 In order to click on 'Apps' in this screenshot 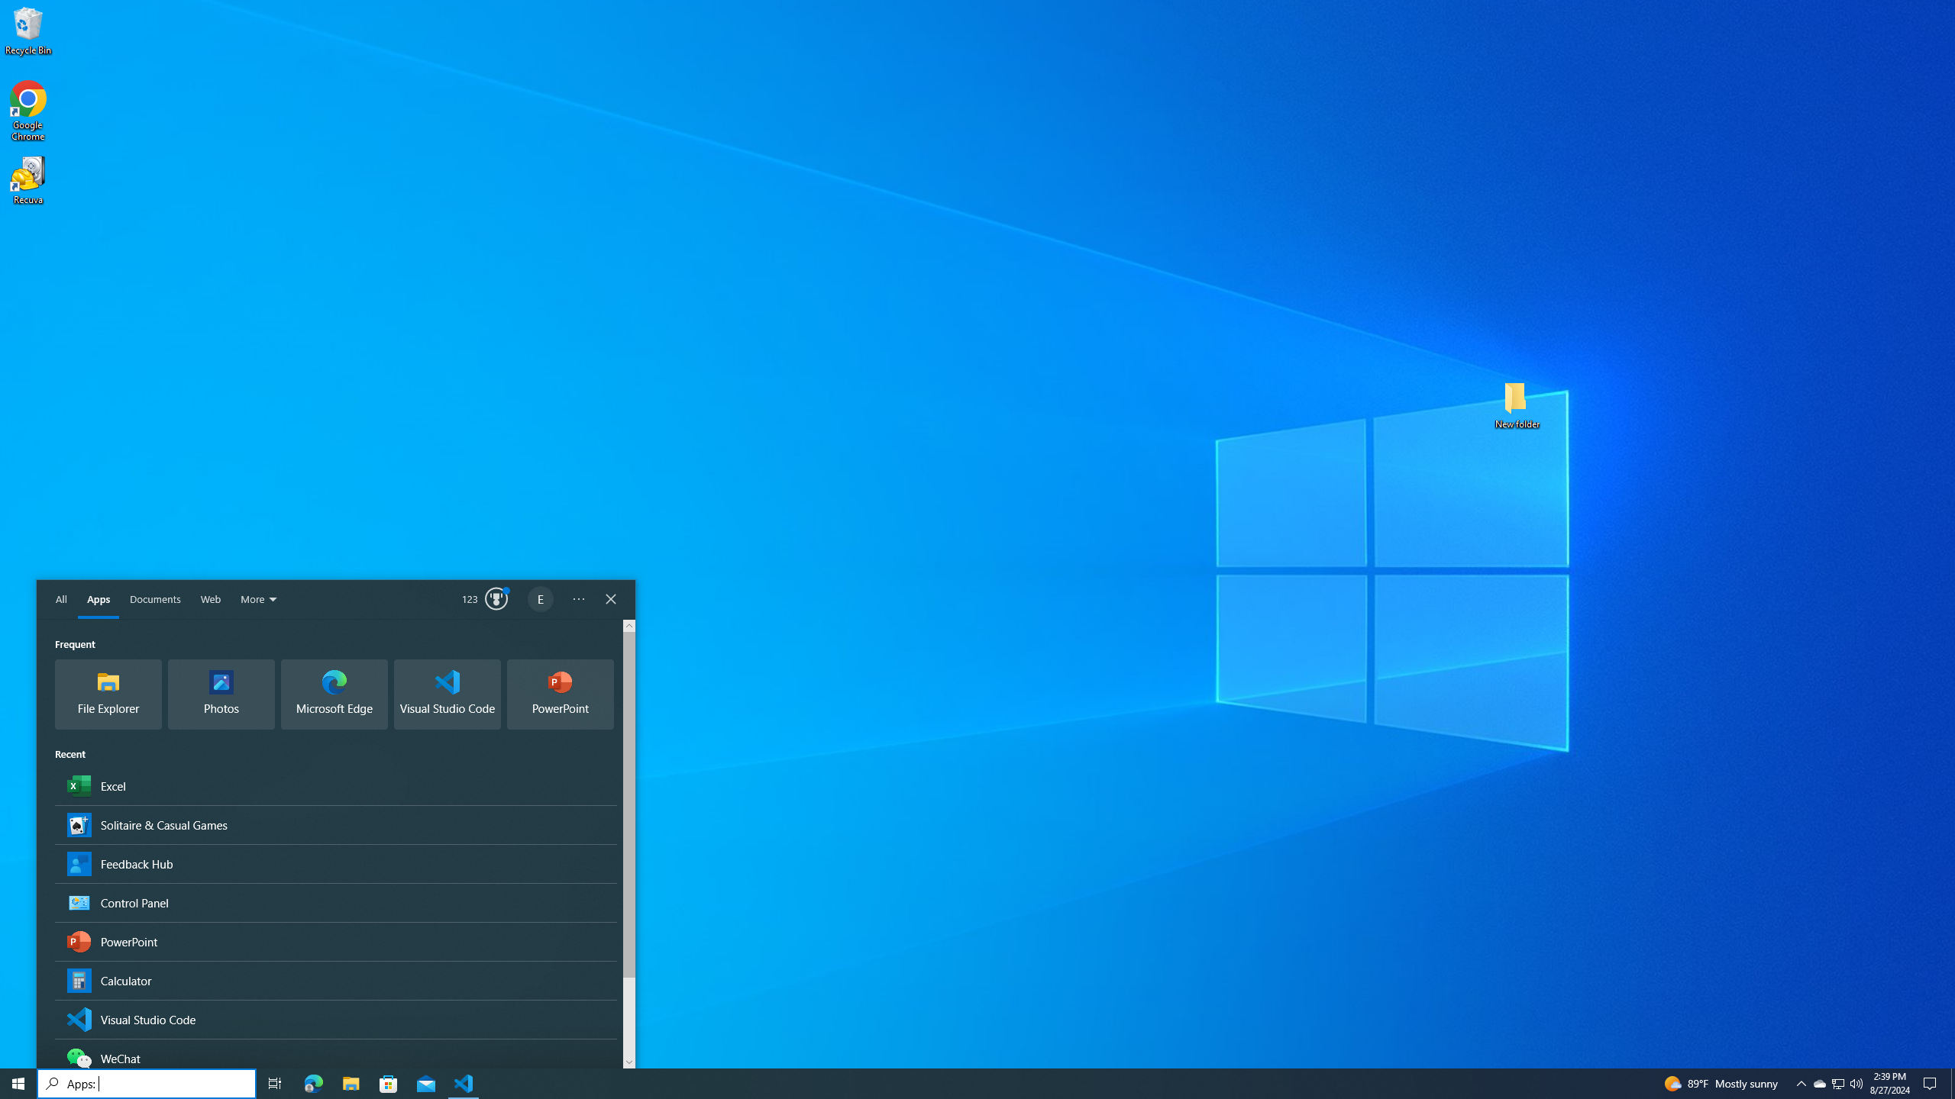, I will do `click(99, 599)`.